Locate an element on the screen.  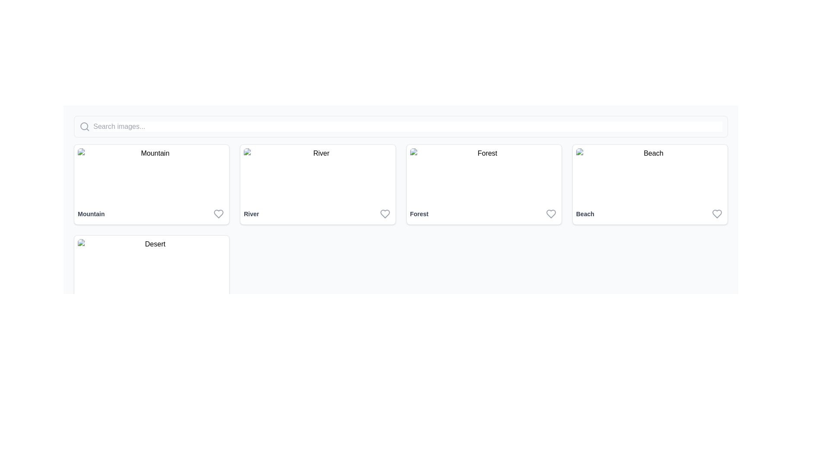
the heart-shaped icon located at the bottom right corner of the 'Beach' card, which has a modern, minimalistic design is located at coordinates (717, 214).